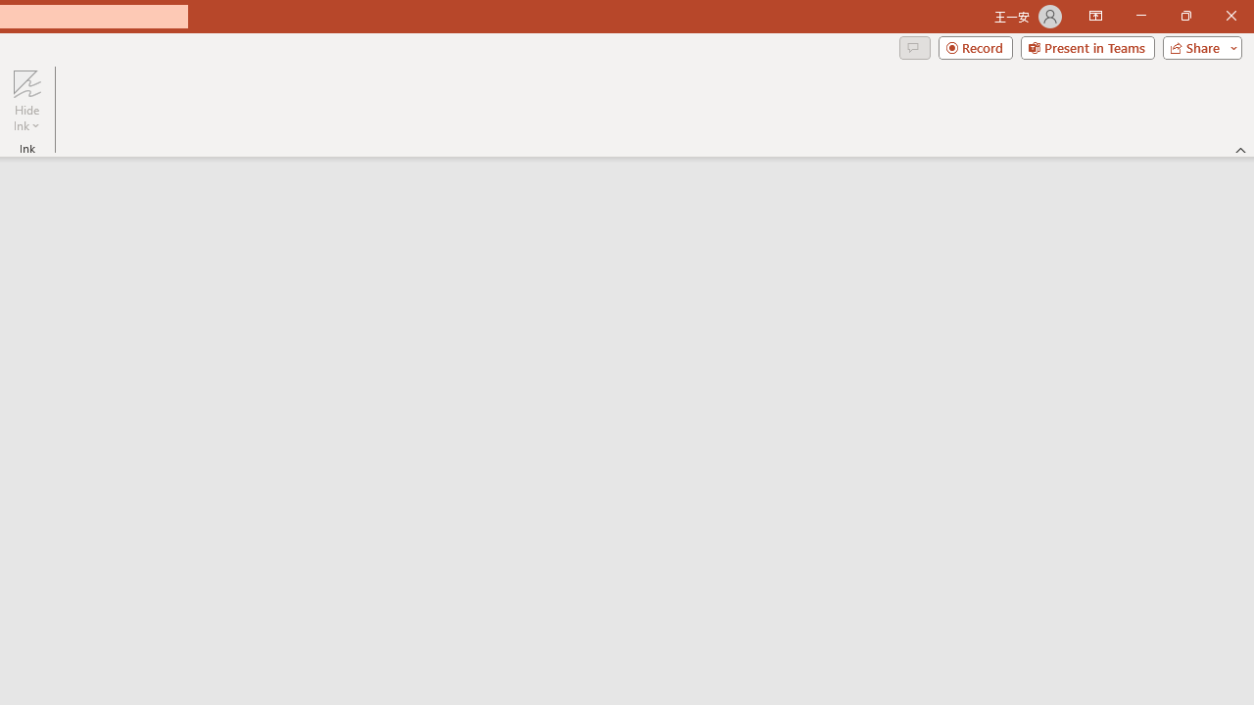 Image resolution: width=1254 pixels, height=705 pixels. I want to click on 'Present in Teams', so click(1086, 46).